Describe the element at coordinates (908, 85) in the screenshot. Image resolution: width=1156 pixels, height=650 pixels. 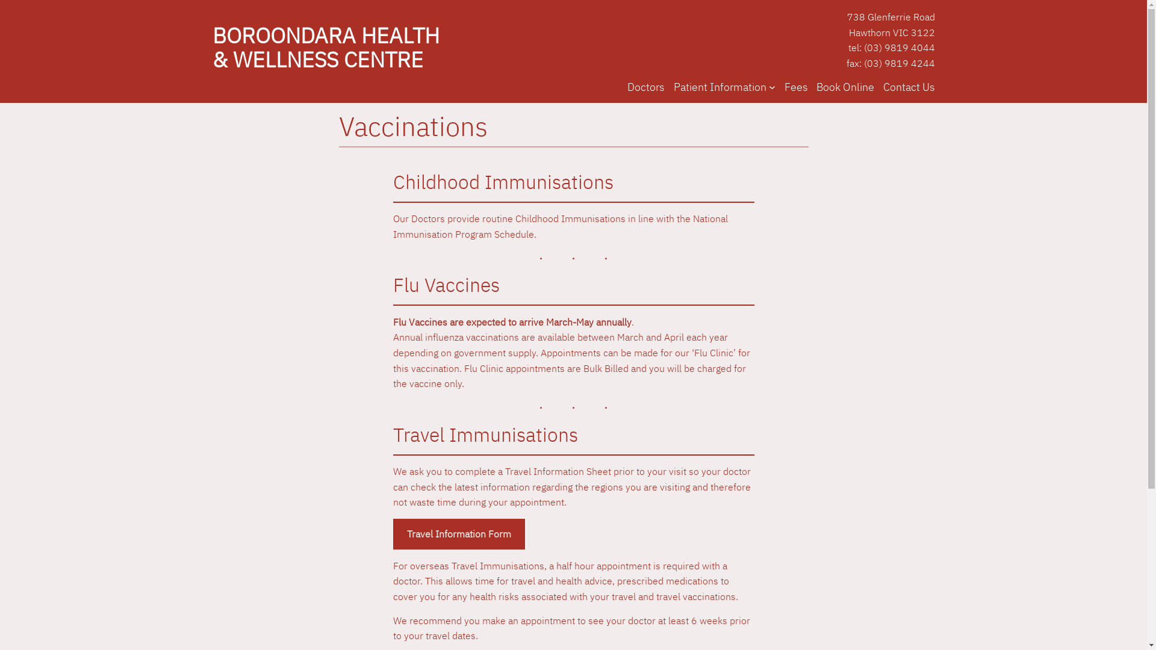
I see `'Contact Us'` at that location.